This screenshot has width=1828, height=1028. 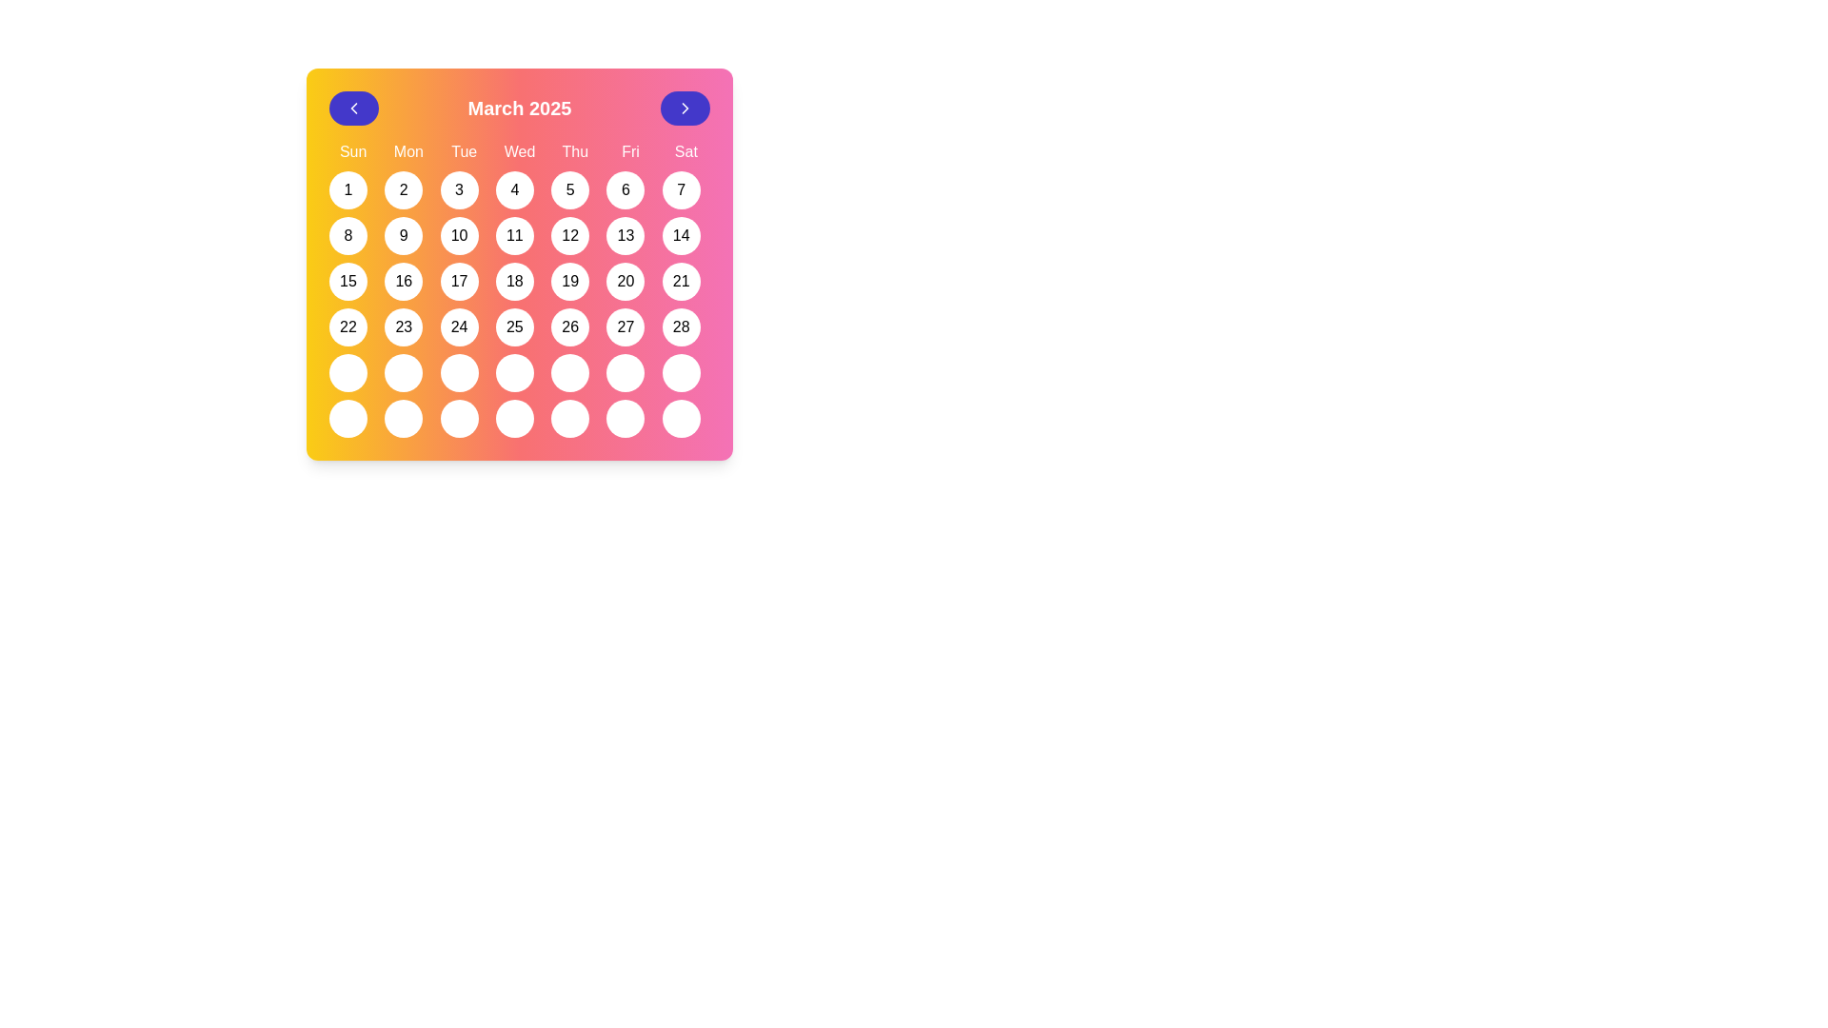 I want to click on the button representing the 27th day of March 2025 in the calendar, so click(x=626, y=326).